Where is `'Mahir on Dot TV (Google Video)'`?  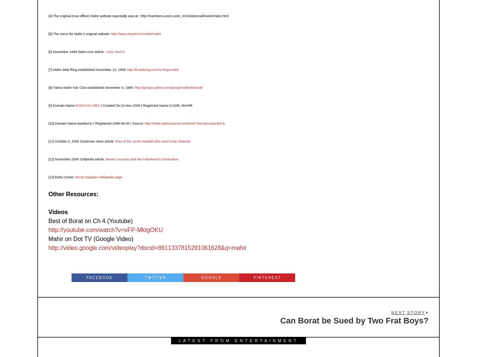
'Mahir on Dot TV (Google Video)' is located at coordinates (90, 238).